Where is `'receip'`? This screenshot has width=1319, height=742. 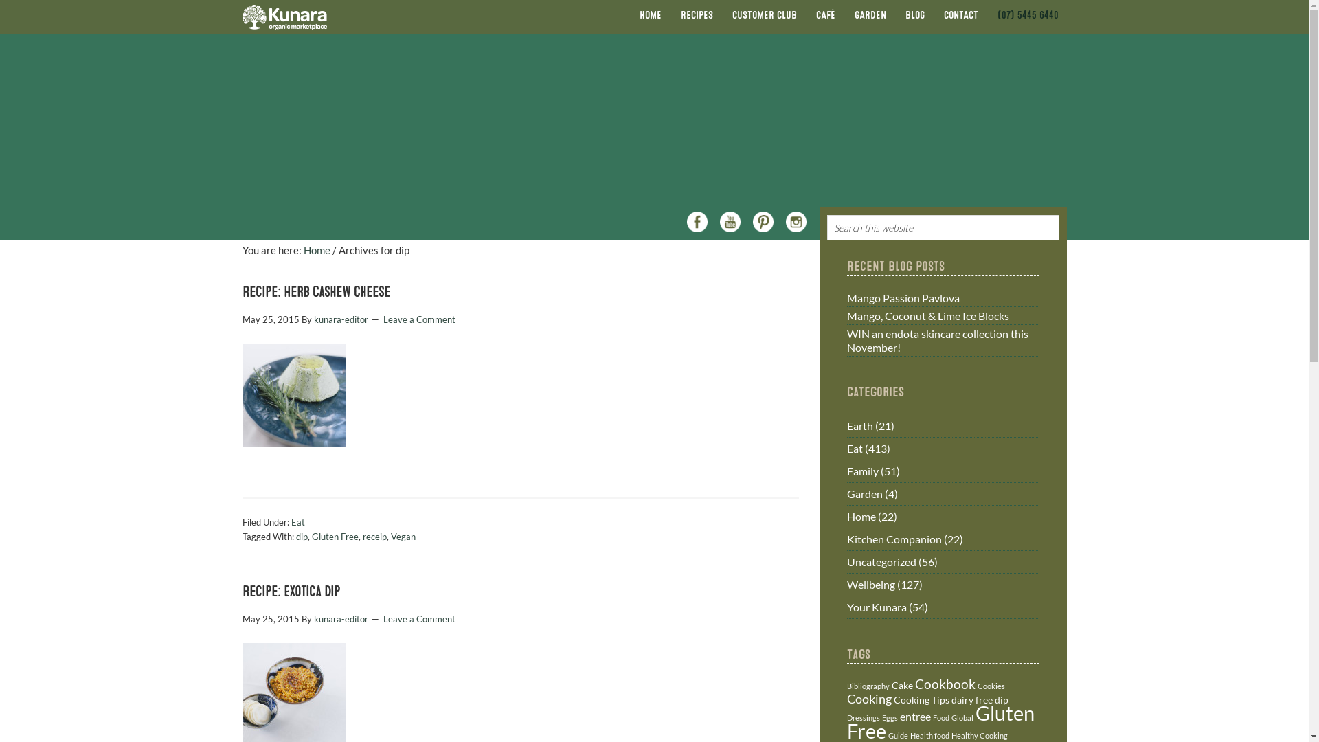
'receip' is located at coordinates (374, 535).